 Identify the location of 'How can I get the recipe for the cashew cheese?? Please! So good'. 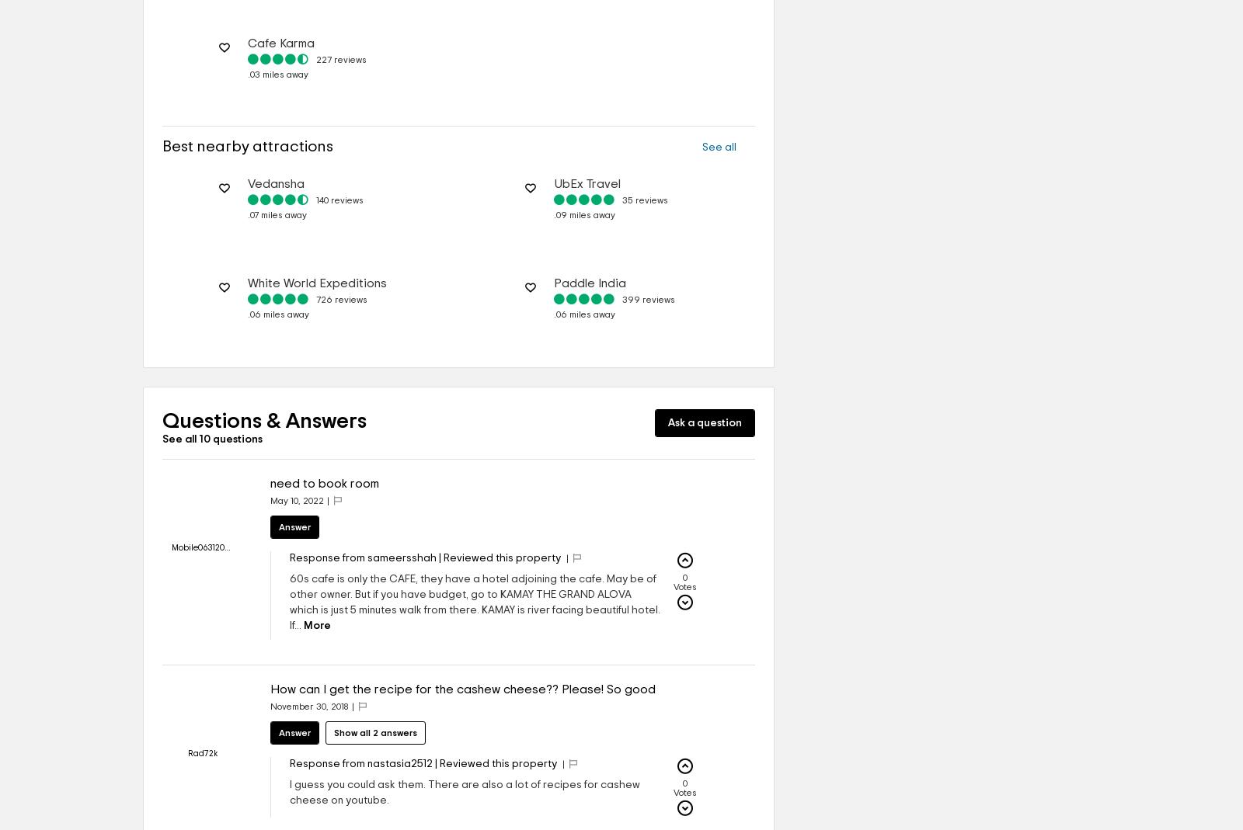
(270, 689).